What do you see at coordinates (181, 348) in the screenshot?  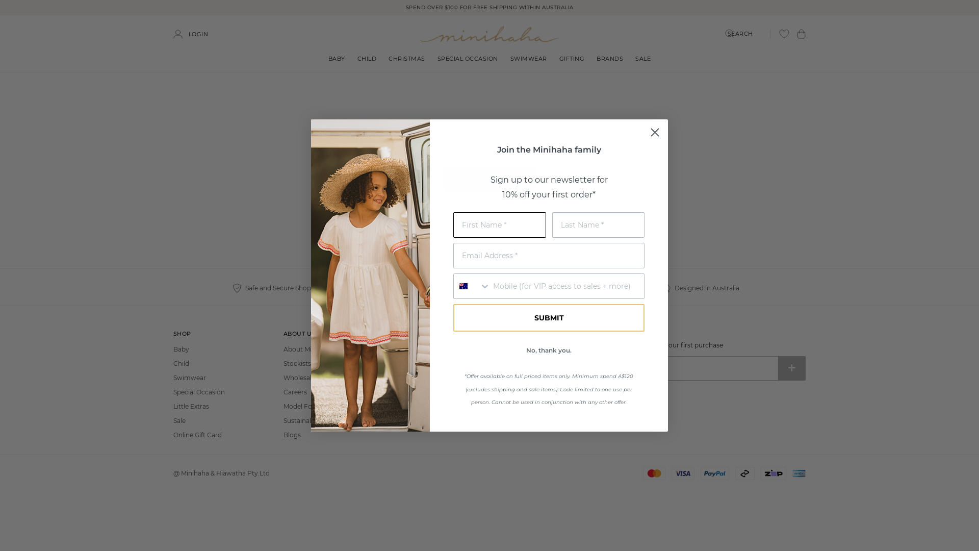 I see `'Baby'` at bounding box center [181, 348].